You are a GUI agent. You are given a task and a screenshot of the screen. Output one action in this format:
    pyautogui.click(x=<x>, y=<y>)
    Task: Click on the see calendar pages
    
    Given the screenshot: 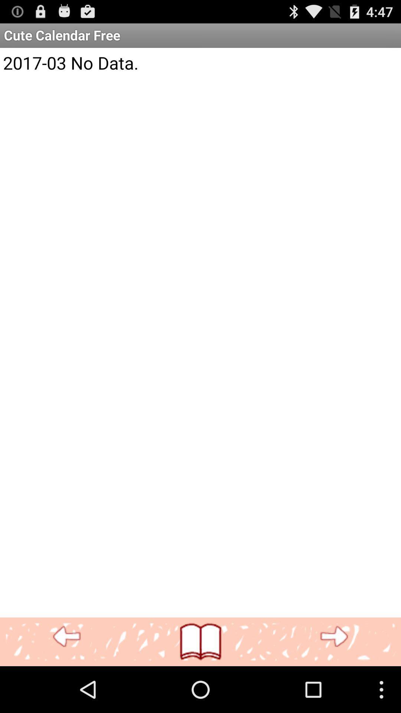 What is the action you would take?
    pyautogui.click(x=200, y=641)
    